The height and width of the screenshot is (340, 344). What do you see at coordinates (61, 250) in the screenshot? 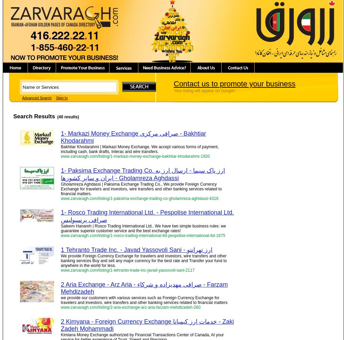
I see `'1 Tehranto Trade Inc. - Javad Yassovoli Sani - ارز تهرانتو'` at bounding box center [61, 250].